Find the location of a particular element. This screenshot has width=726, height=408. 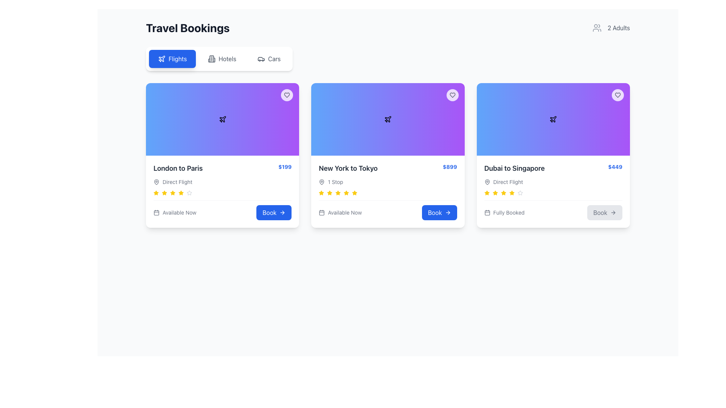

status information from the 'Fully Booked' label, which is styled in gray and located above the 'Book' button on the travel booking interface is located at coordinates (504, 213).